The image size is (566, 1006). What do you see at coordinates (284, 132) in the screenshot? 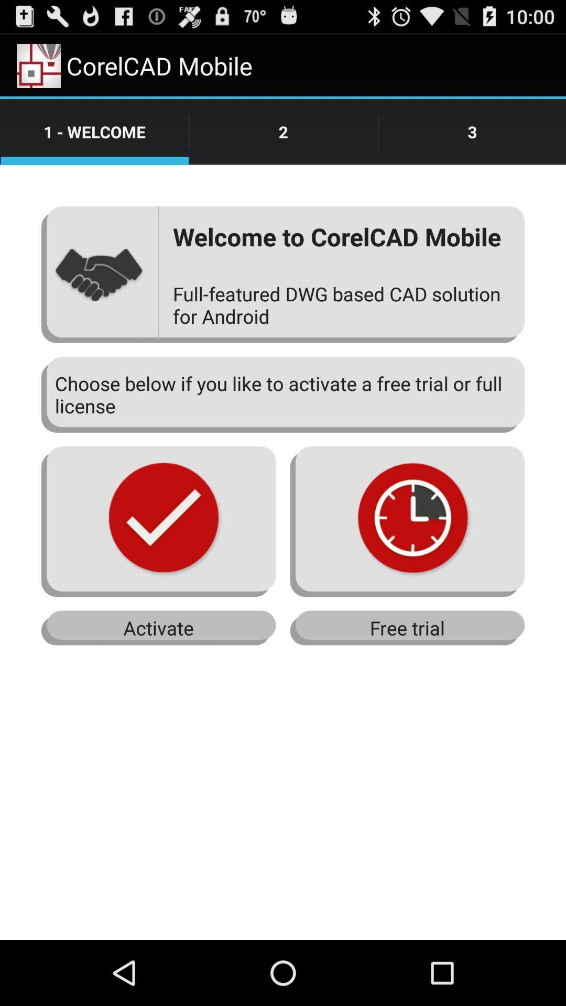
I see `tap on number 2 shown next to 1 welcome` at bounding box center [284, 132].